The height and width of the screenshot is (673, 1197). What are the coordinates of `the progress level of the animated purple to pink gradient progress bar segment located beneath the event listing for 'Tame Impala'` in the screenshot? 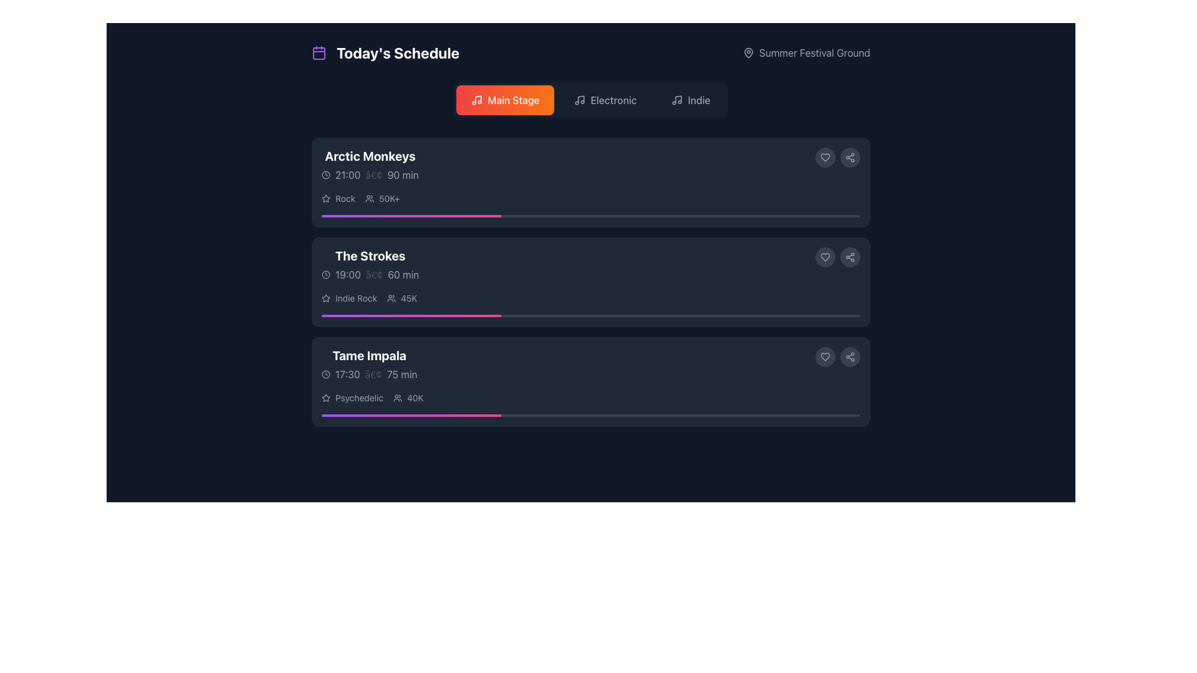 It's located at (411, 416).